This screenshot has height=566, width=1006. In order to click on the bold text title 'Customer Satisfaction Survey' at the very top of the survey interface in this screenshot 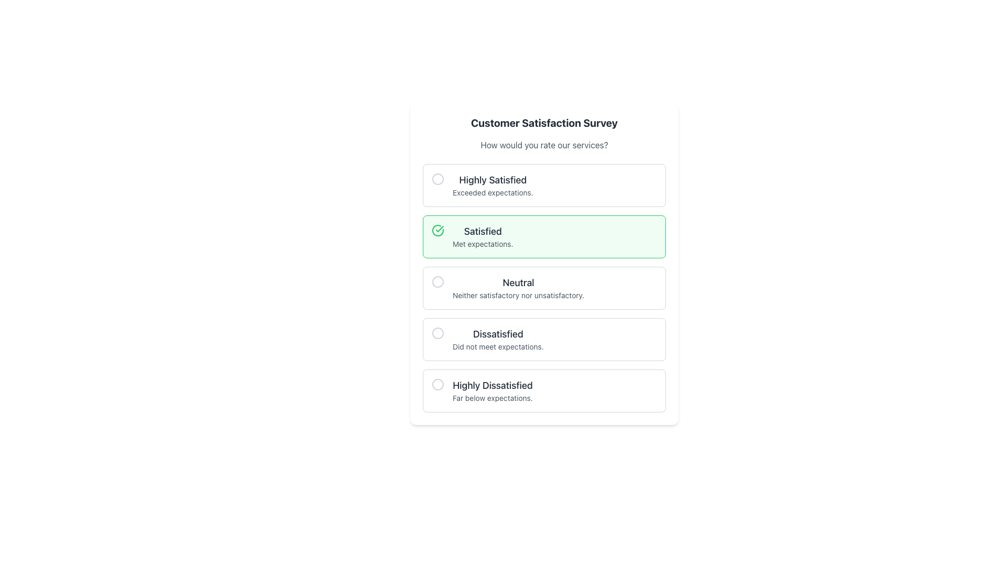, I will do `click(544, 123)`.